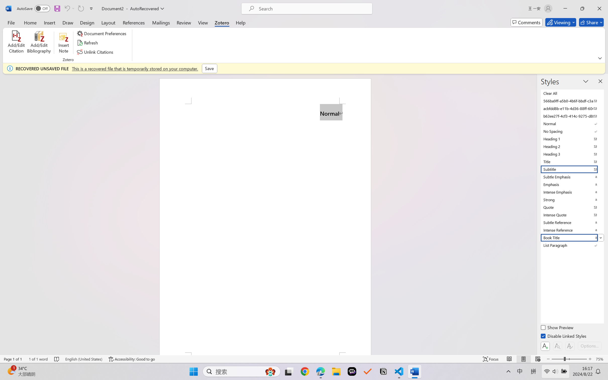 The height and width of the screenshot is (380, 608). I want to click on 'Add/Edit Citation', so click(16, 43).